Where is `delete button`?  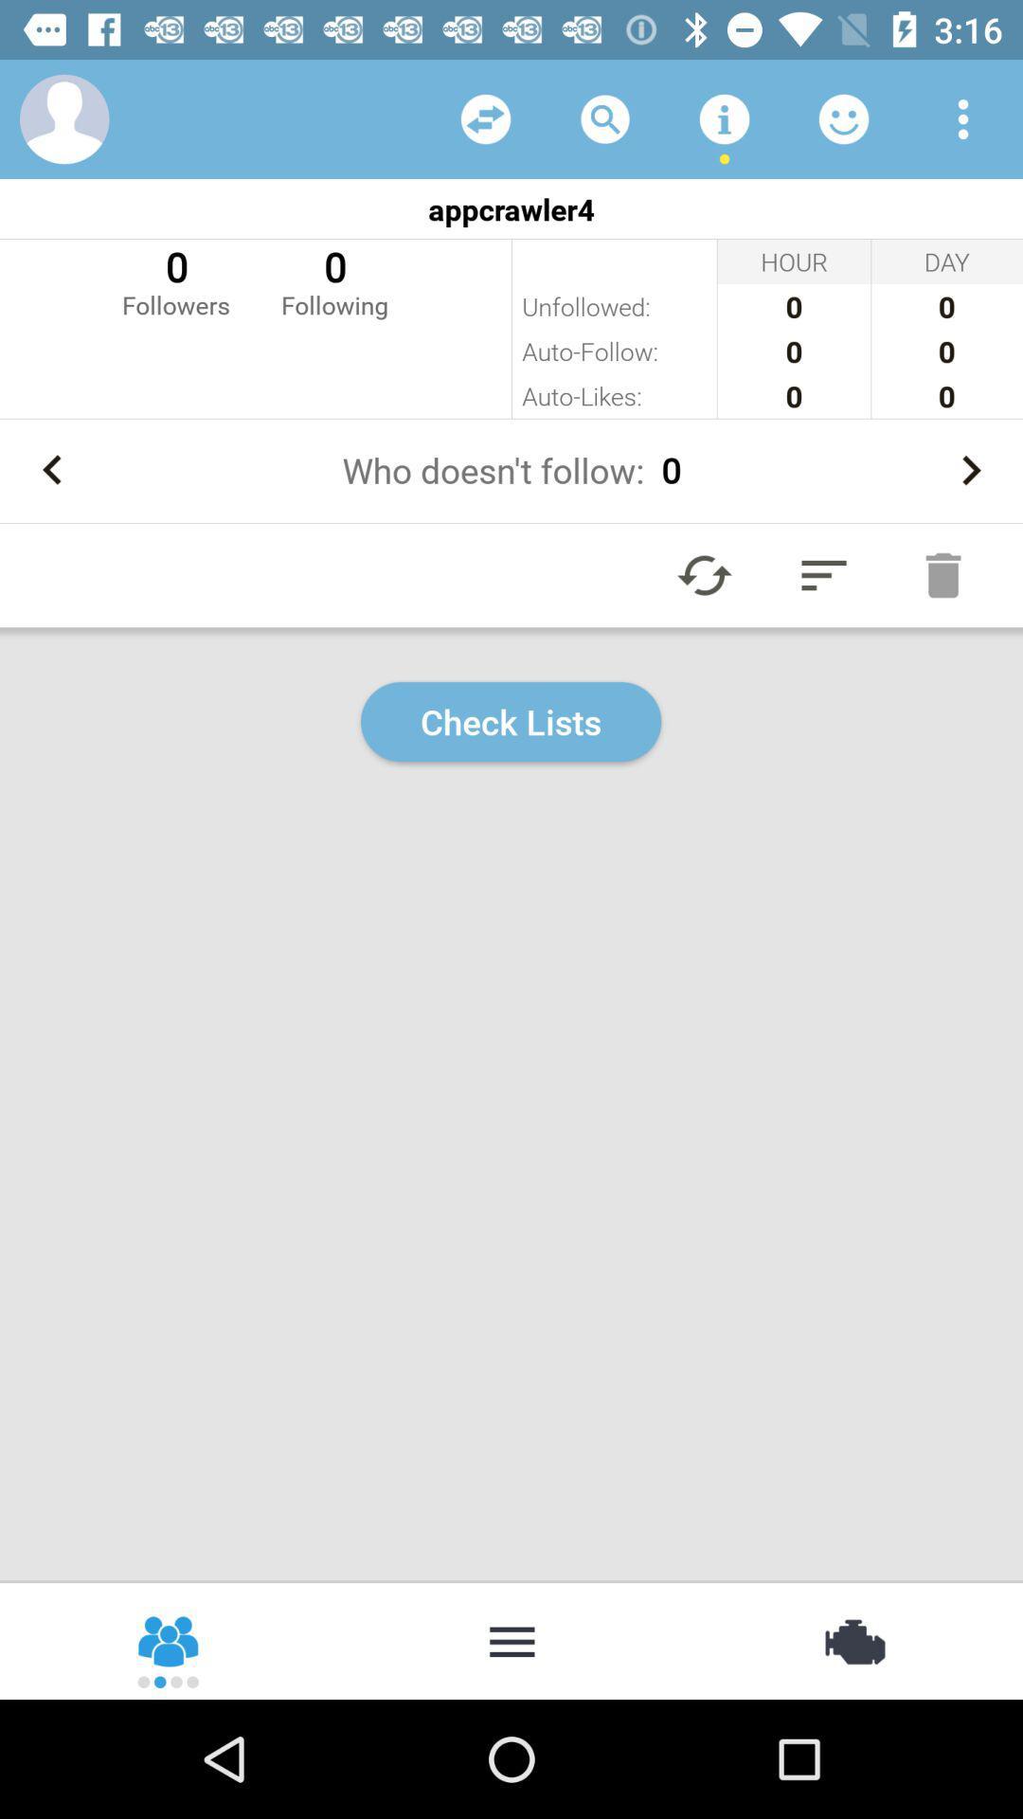
delete button is located at coordinates (942, 573).